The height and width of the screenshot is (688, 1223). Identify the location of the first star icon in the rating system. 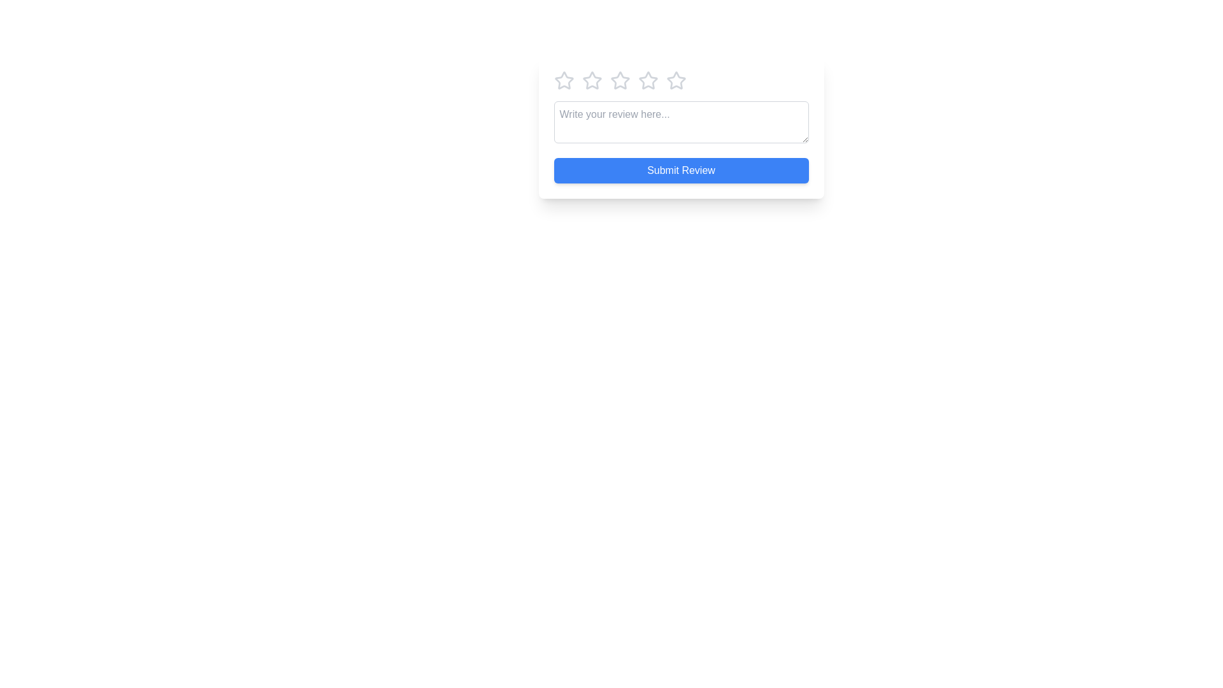
(562, 80).